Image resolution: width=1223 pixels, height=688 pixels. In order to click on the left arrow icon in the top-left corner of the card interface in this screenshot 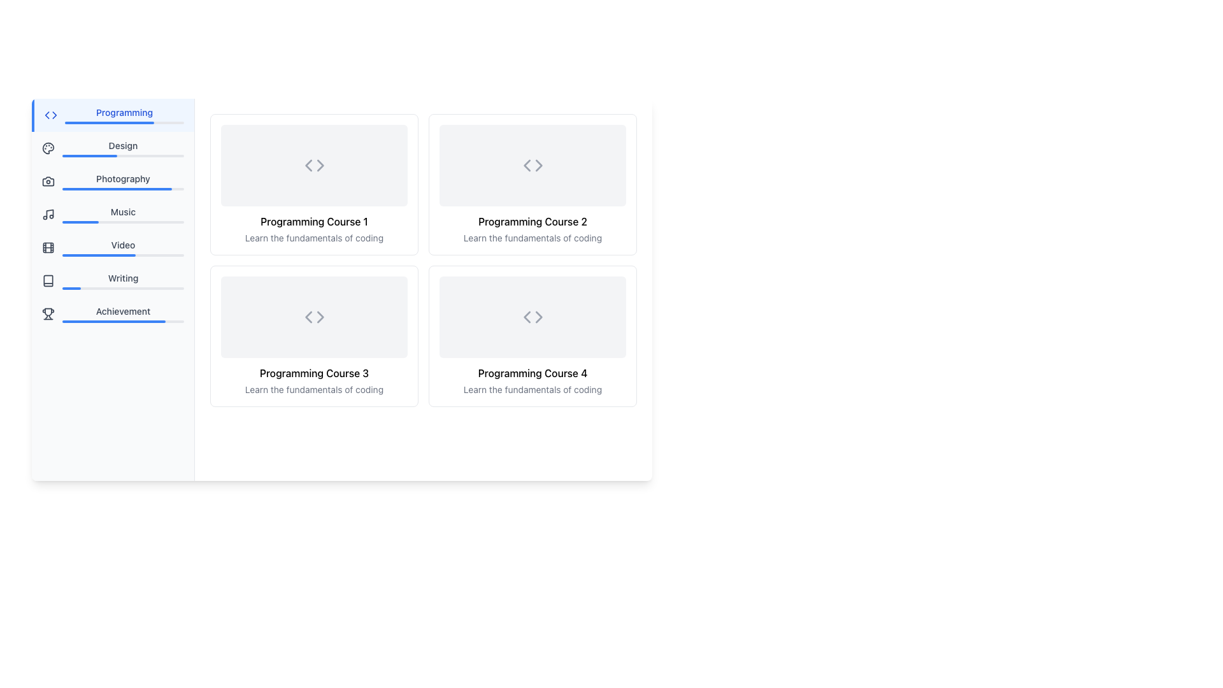, I will do `click(308, 164)`.